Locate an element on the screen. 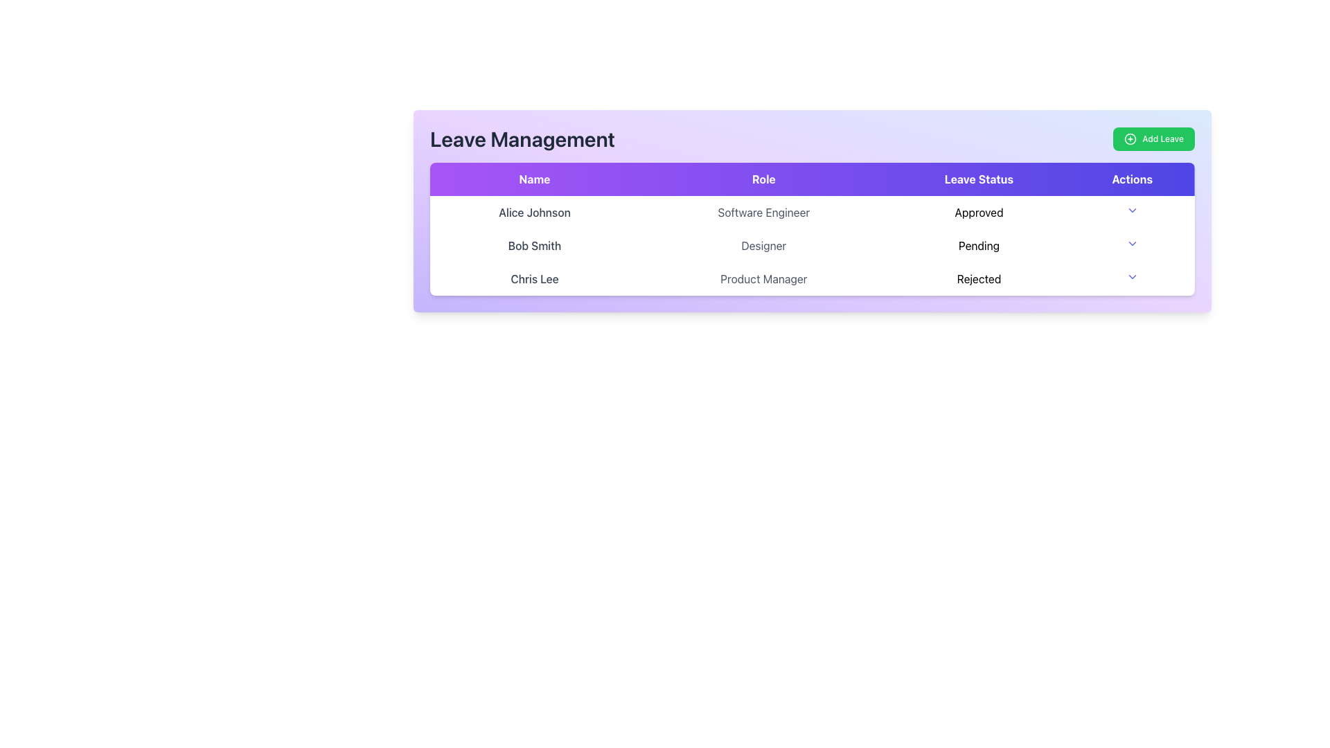 The height and width of the screenshot is (748, 1330). the text label header that says 'Leave Status', which is styled with white text on a vibrant purple background and is positioned as the third column in the header row of a table is located at coordinates (978, 178).